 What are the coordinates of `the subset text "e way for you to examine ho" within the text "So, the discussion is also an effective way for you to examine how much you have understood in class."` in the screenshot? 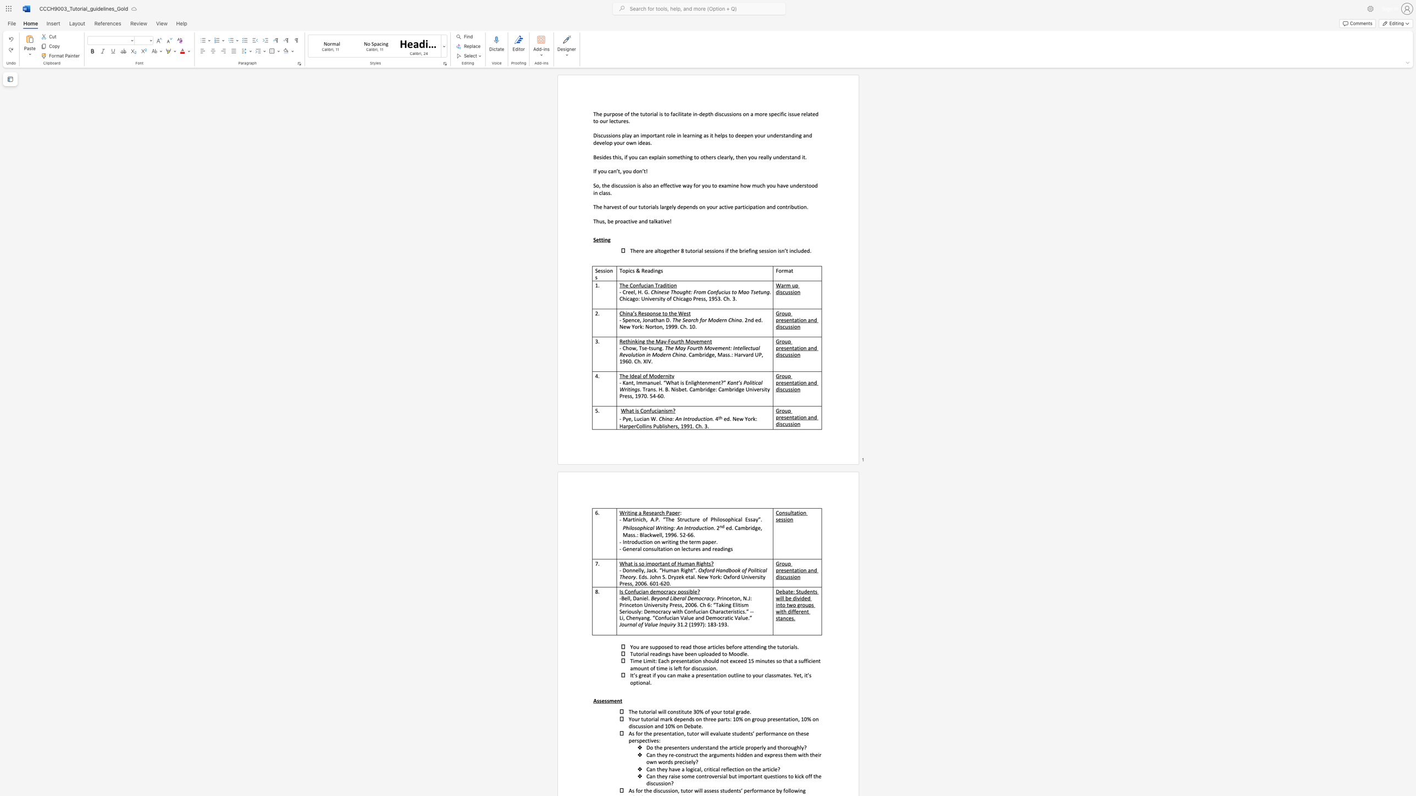 It's located at (678, 185).